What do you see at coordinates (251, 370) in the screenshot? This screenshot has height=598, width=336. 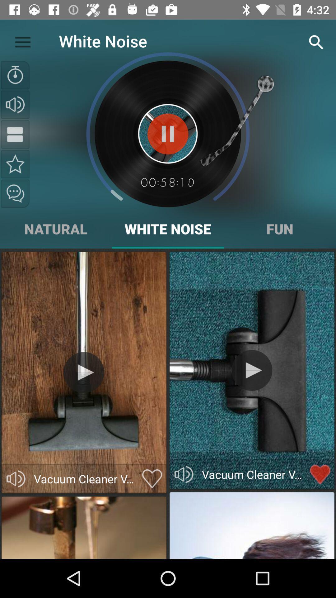 I see `play` at bounding box center [251, 370].